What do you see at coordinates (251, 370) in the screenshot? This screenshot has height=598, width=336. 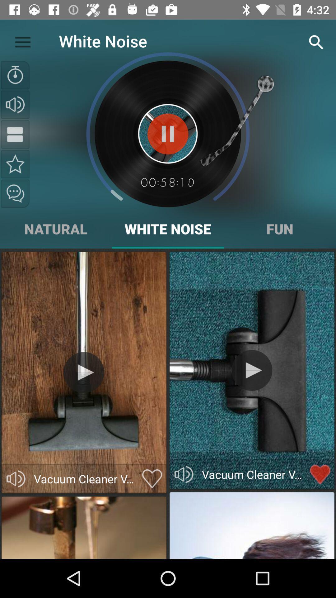 I see `play` at bounding box center [251, 370].